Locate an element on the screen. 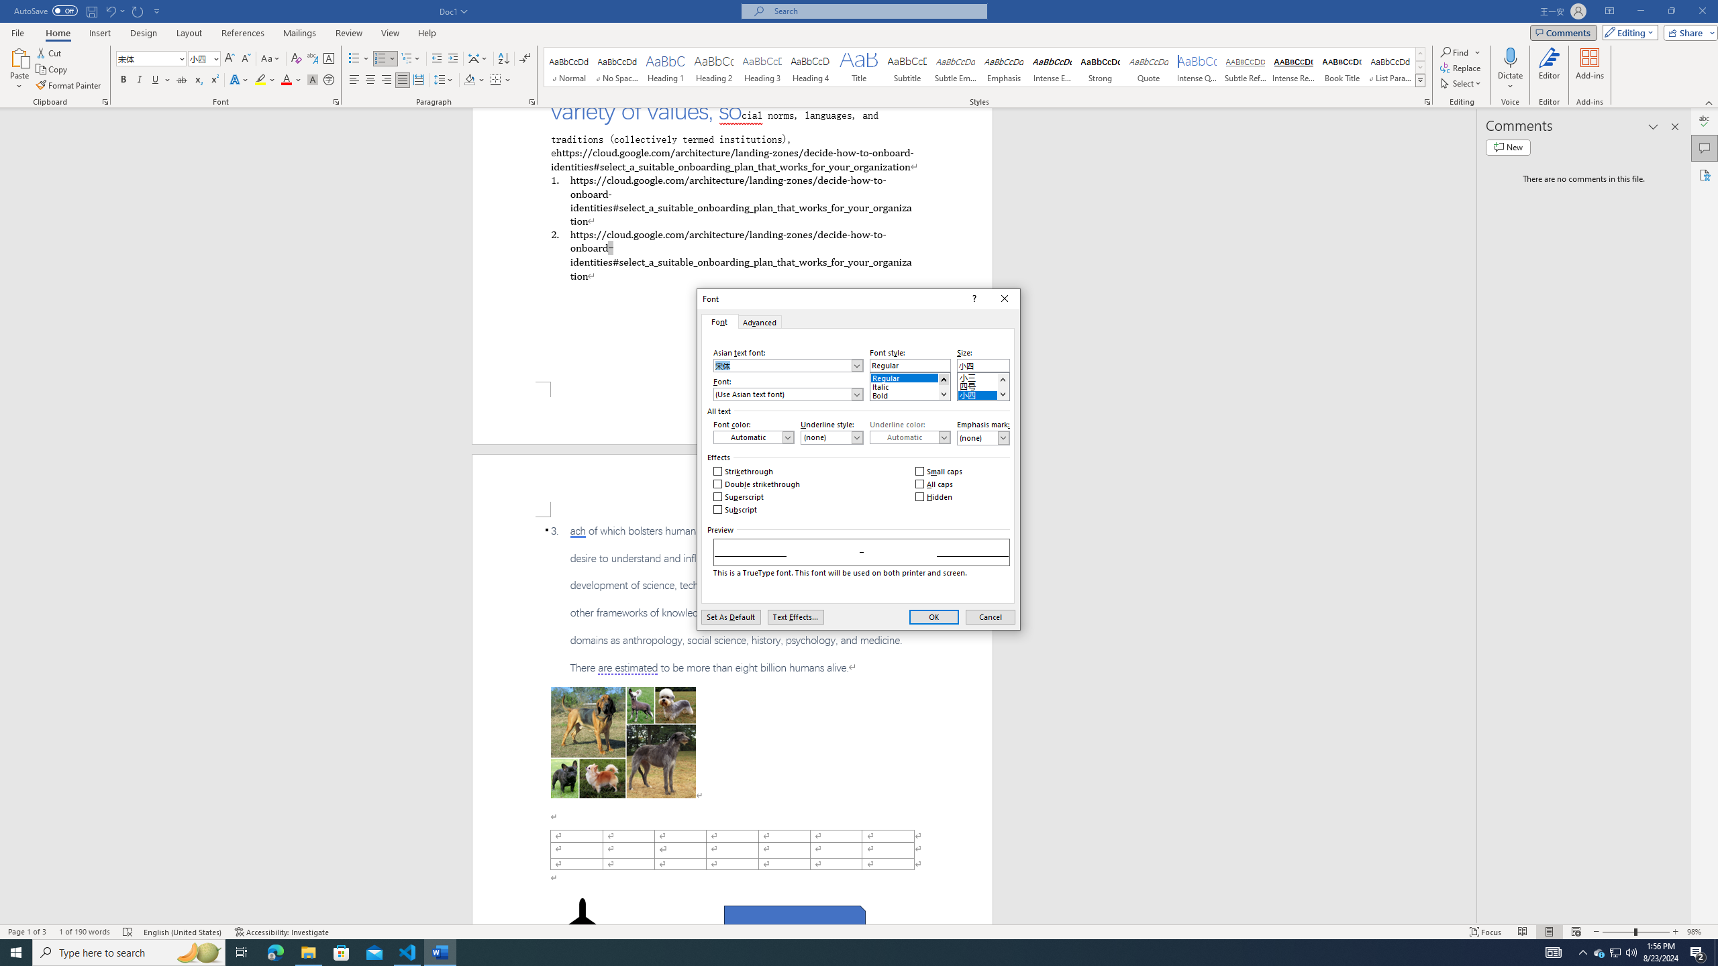 The image size is (1718, 966). 'Intense Reference' is located at coordinates (1293, 66).